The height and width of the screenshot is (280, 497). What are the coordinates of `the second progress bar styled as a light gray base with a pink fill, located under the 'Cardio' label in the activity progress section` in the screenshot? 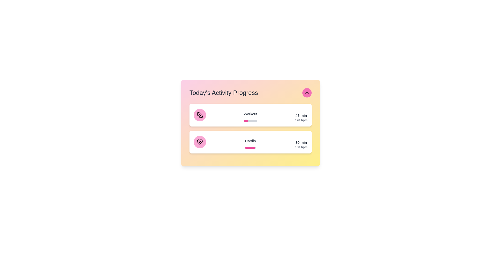 It's located at (250, 148).